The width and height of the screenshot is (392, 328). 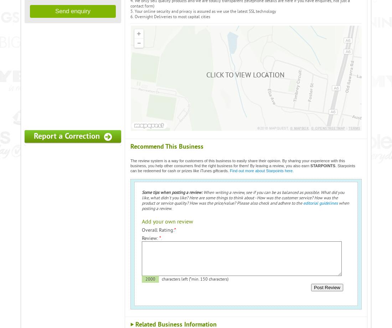 I want to click on '6. Overnight Deliveries to most capital cities', so click(x=170, y=17).